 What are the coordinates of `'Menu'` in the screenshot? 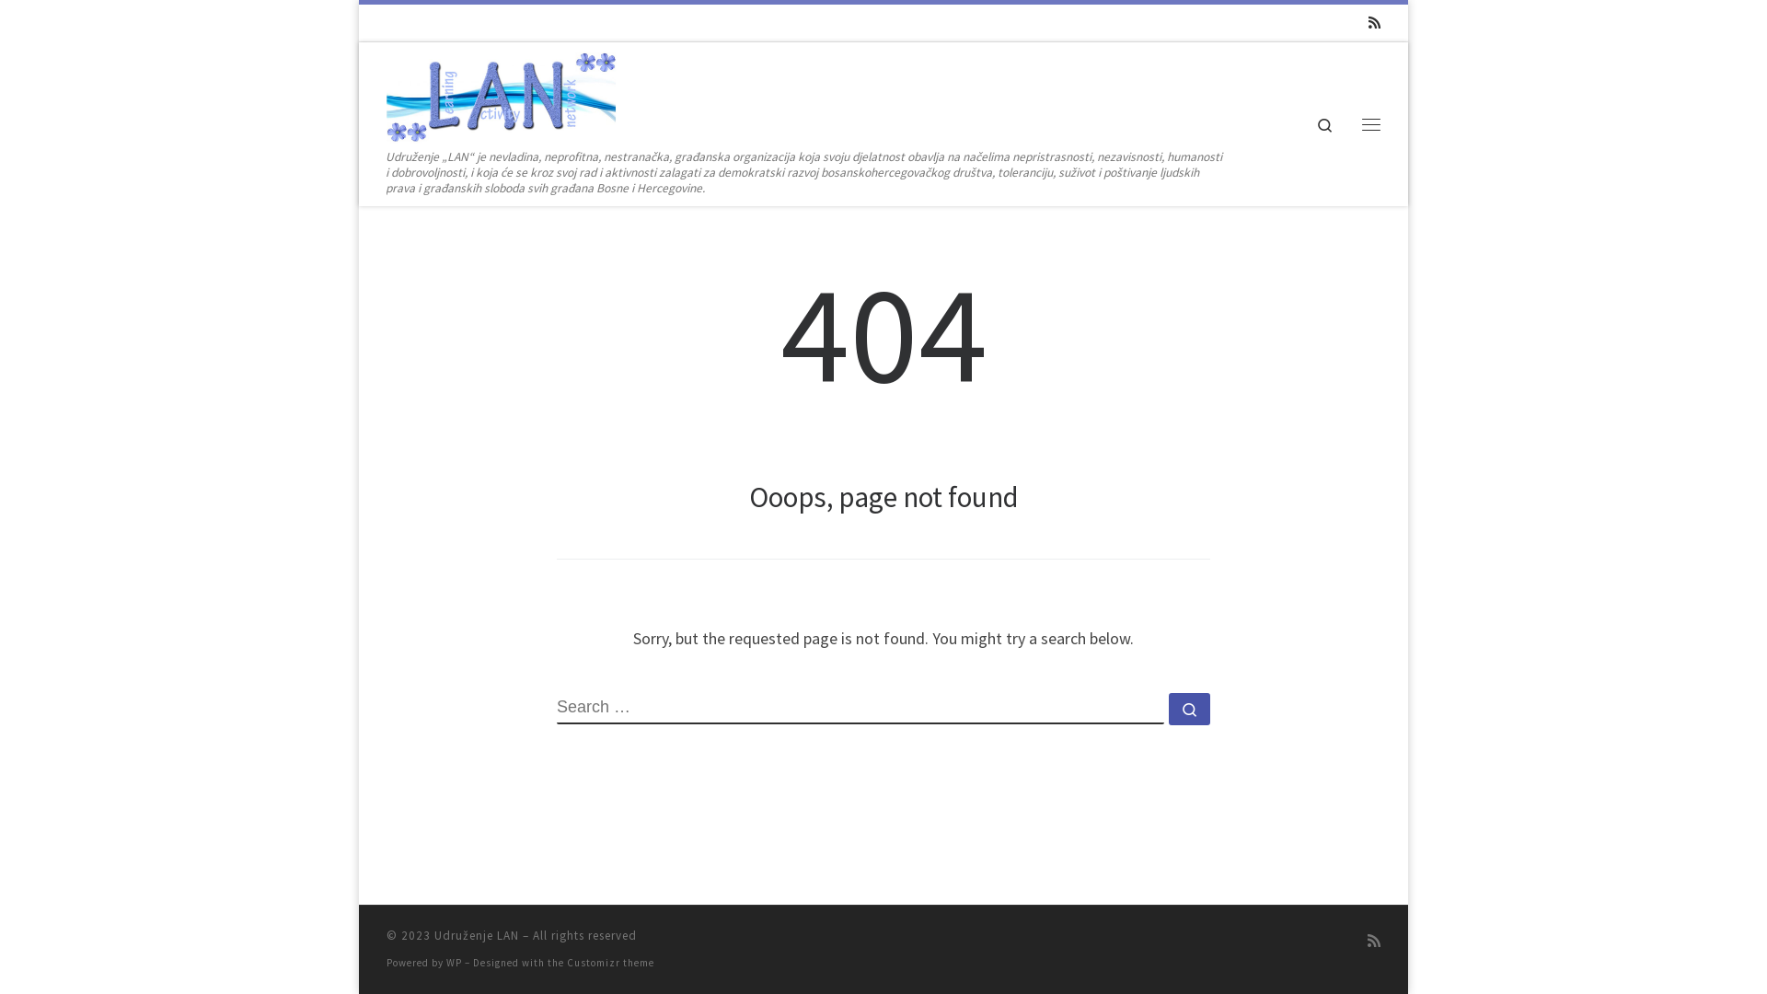 It's located at (1370, 124).